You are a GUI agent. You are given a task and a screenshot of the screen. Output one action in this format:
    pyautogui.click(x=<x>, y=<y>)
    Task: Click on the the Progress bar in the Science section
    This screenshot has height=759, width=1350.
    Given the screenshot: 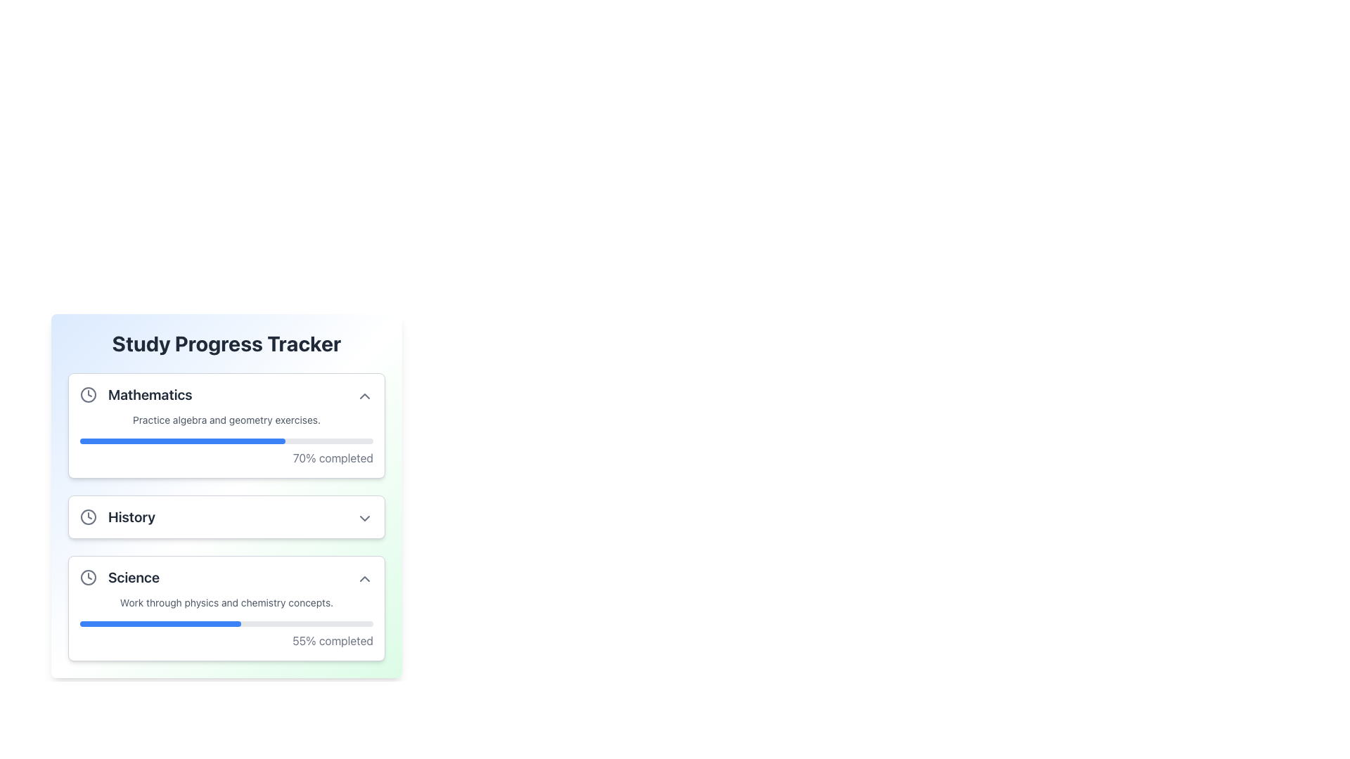 What is the action you would take?
    pyautogui.click(x=226, y=622)
    